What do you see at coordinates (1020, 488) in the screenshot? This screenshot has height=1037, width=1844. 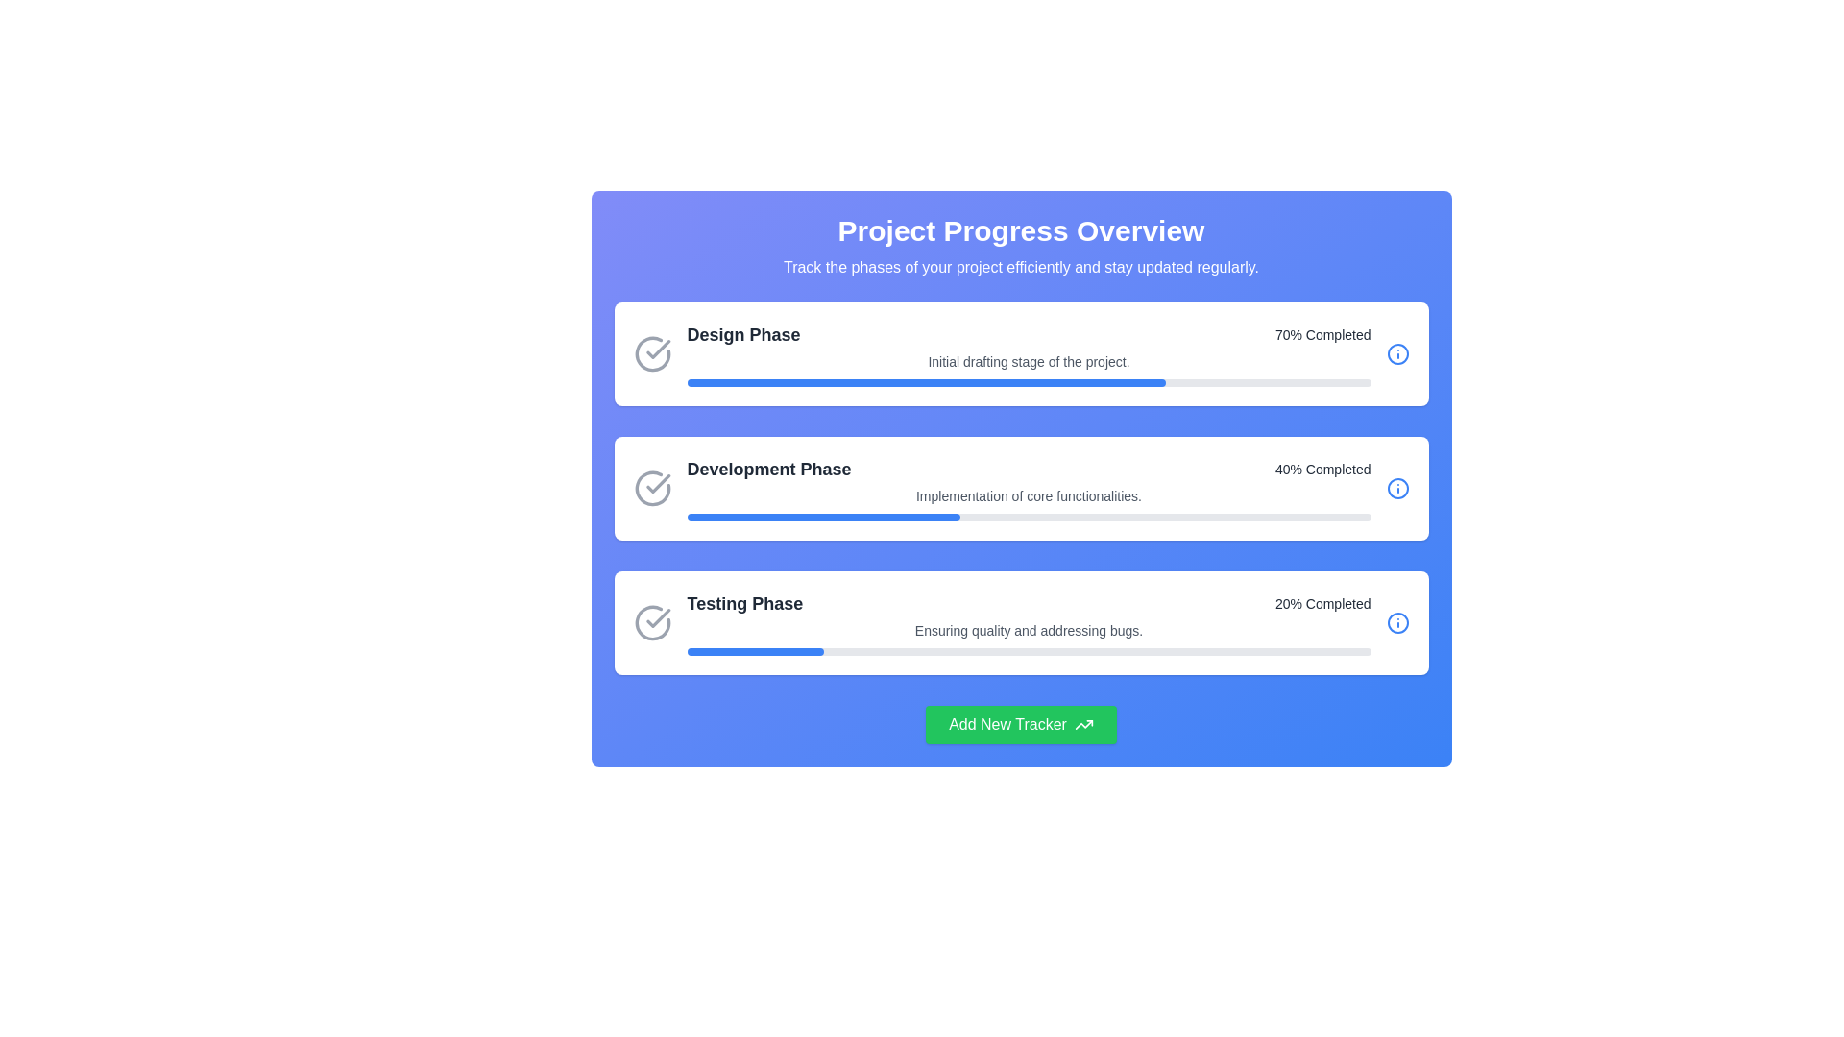 I see `the Progress Indicator Block located at the center of the page, which shows the development phase progress percentage and related details` at bounding box center [1020, 488].